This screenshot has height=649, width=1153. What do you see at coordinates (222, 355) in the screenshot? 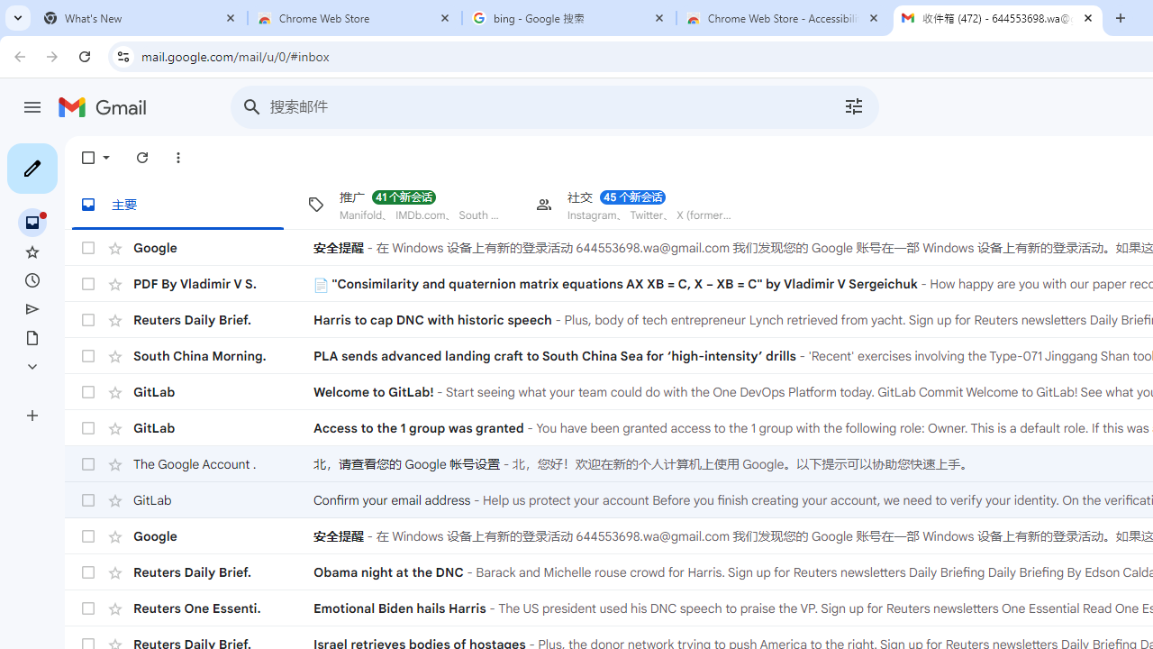
I see `'South China Morning.'` at bounding box center [222, 355].